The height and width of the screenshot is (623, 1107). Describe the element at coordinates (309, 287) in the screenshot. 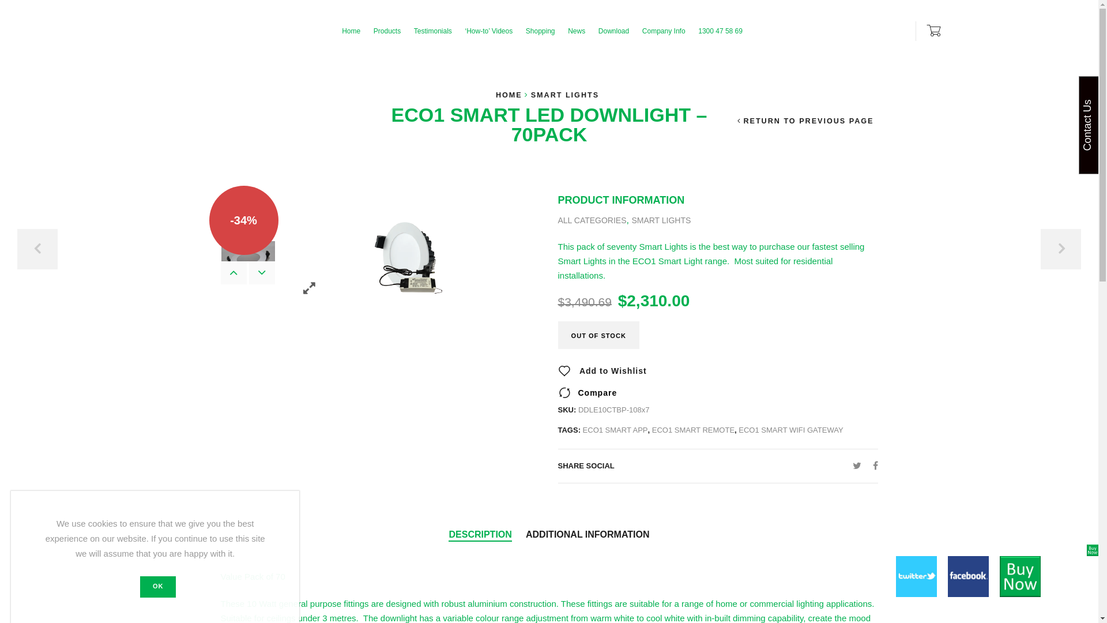

I see `'Zoom images'` at that location.